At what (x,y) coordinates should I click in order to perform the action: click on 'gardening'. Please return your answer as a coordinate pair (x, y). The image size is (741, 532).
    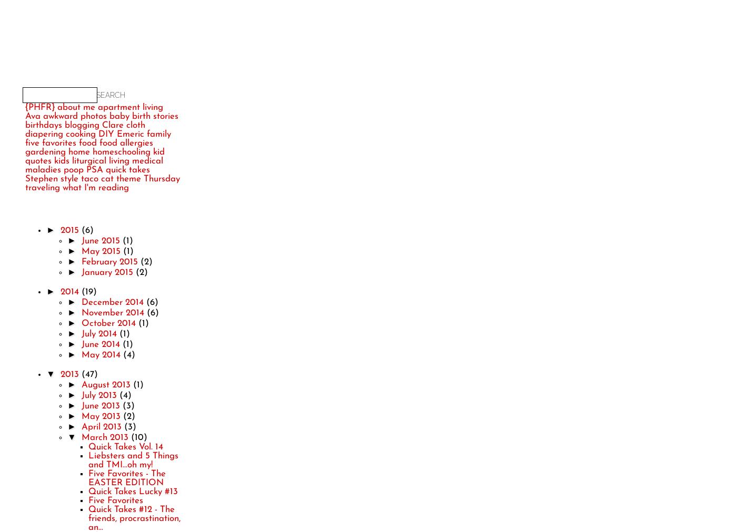
    Looking at the image, I should click on (45, 151).